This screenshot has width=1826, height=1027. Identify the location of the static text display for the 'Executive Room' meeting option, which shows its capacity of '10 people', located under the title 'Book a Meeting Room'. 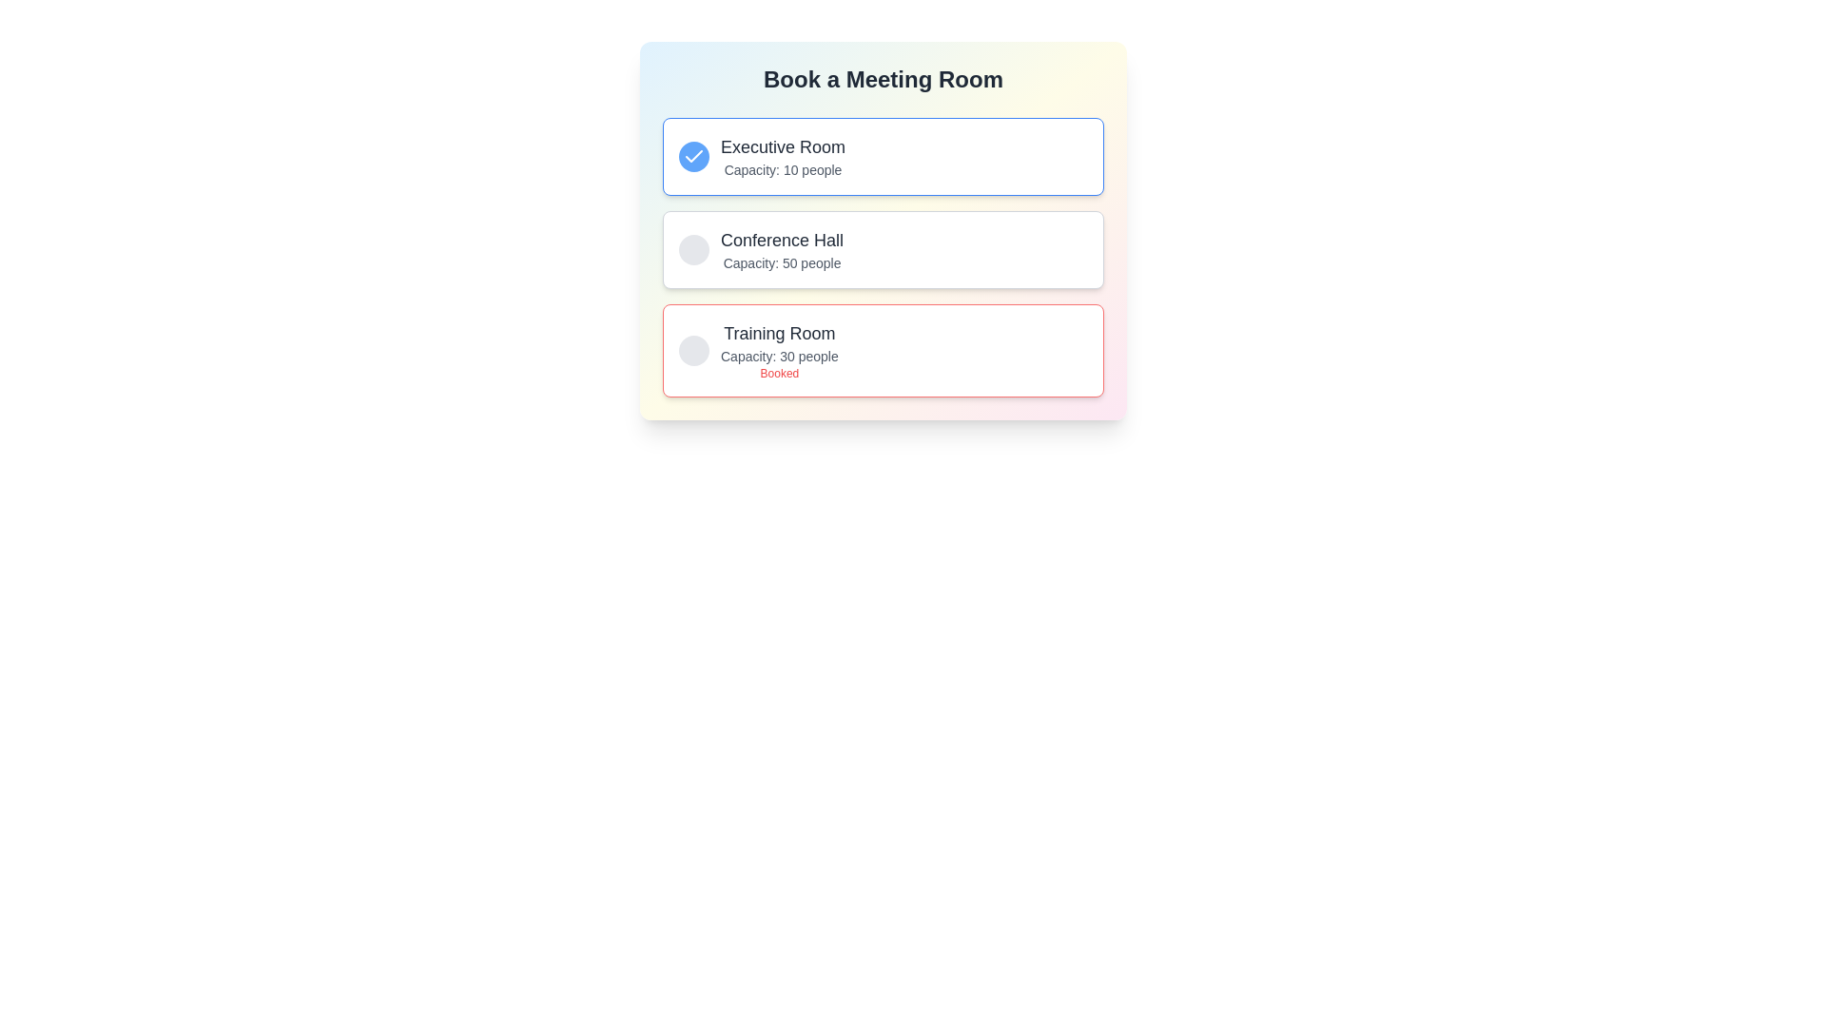
(783, 156).